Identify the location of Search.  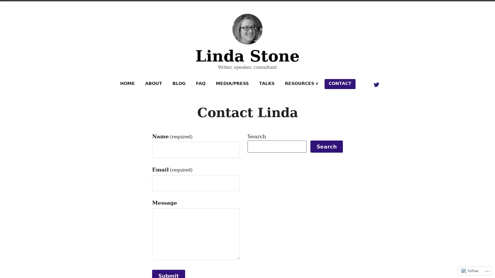
(326, 146).